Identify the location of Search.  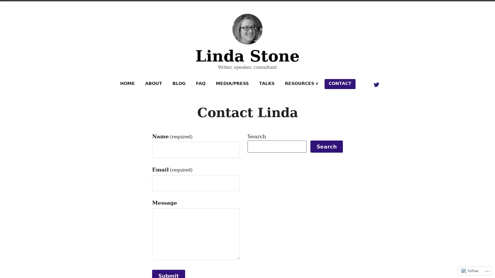
(326, 146).